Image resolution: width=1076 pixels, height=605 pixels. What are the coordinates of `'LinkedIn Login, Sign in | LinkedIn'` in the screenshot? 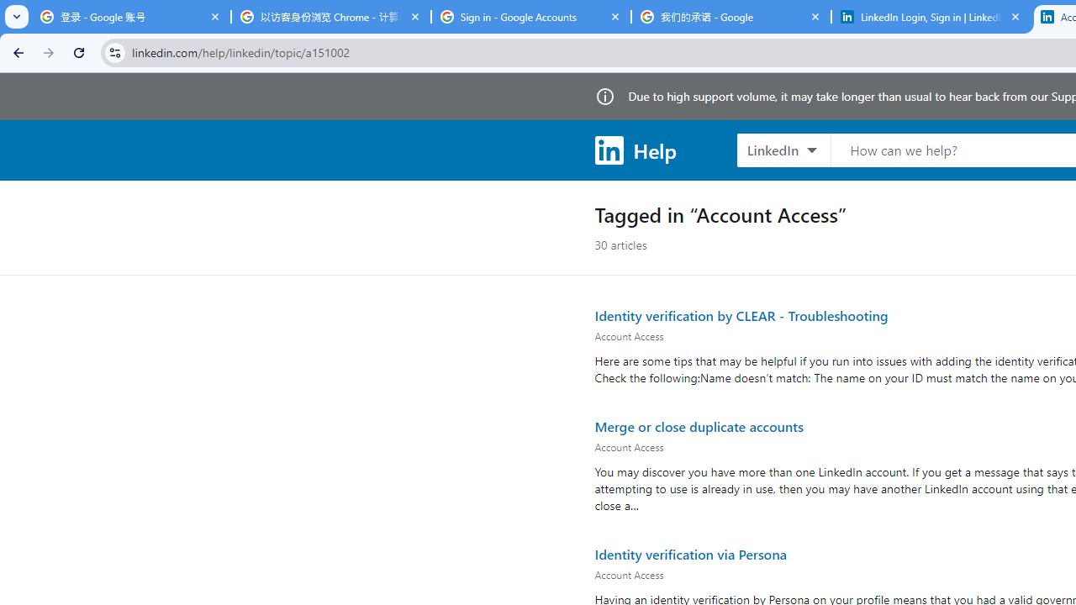 It's located at (931, 17).